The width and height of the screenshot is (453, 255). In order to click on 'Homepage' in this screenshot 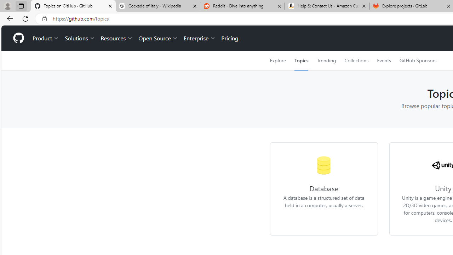, I will do `click(18, 38)`.